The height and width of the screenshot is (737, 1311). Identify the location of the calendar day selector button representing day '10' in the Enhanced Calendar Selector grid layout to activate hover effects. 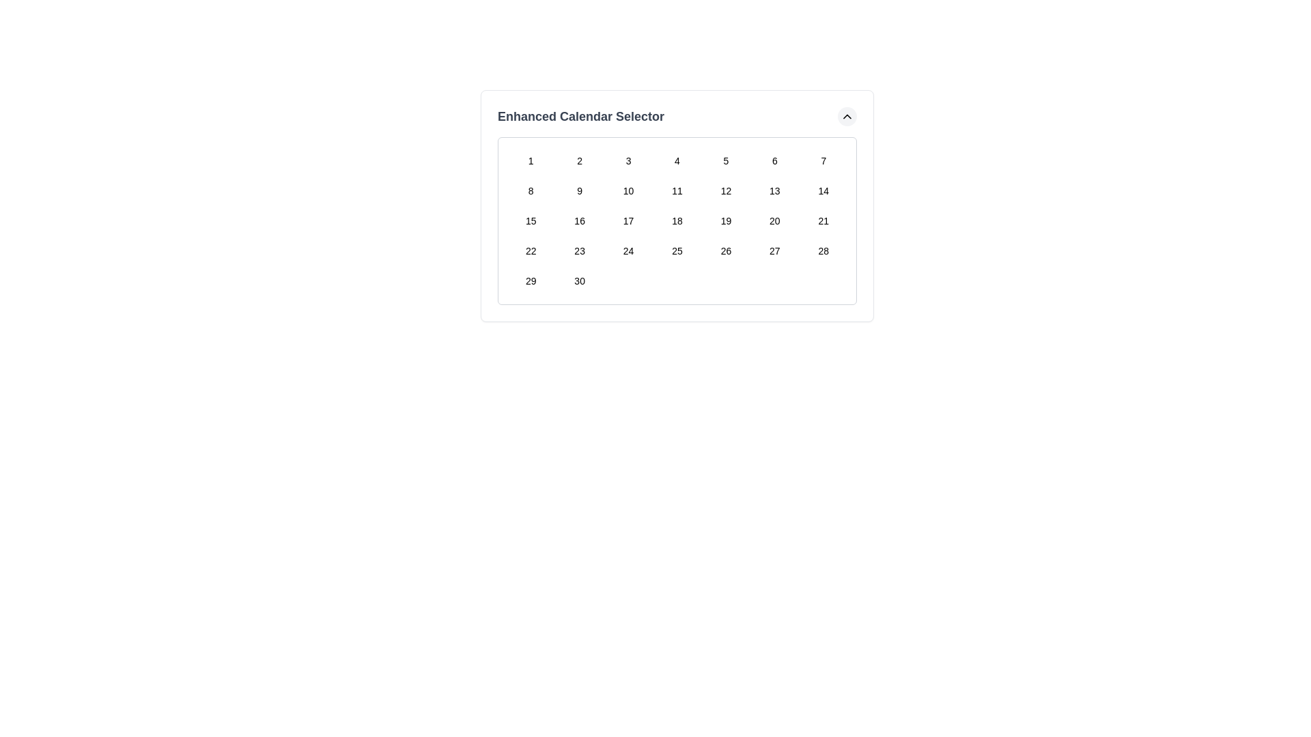
(628, 191).